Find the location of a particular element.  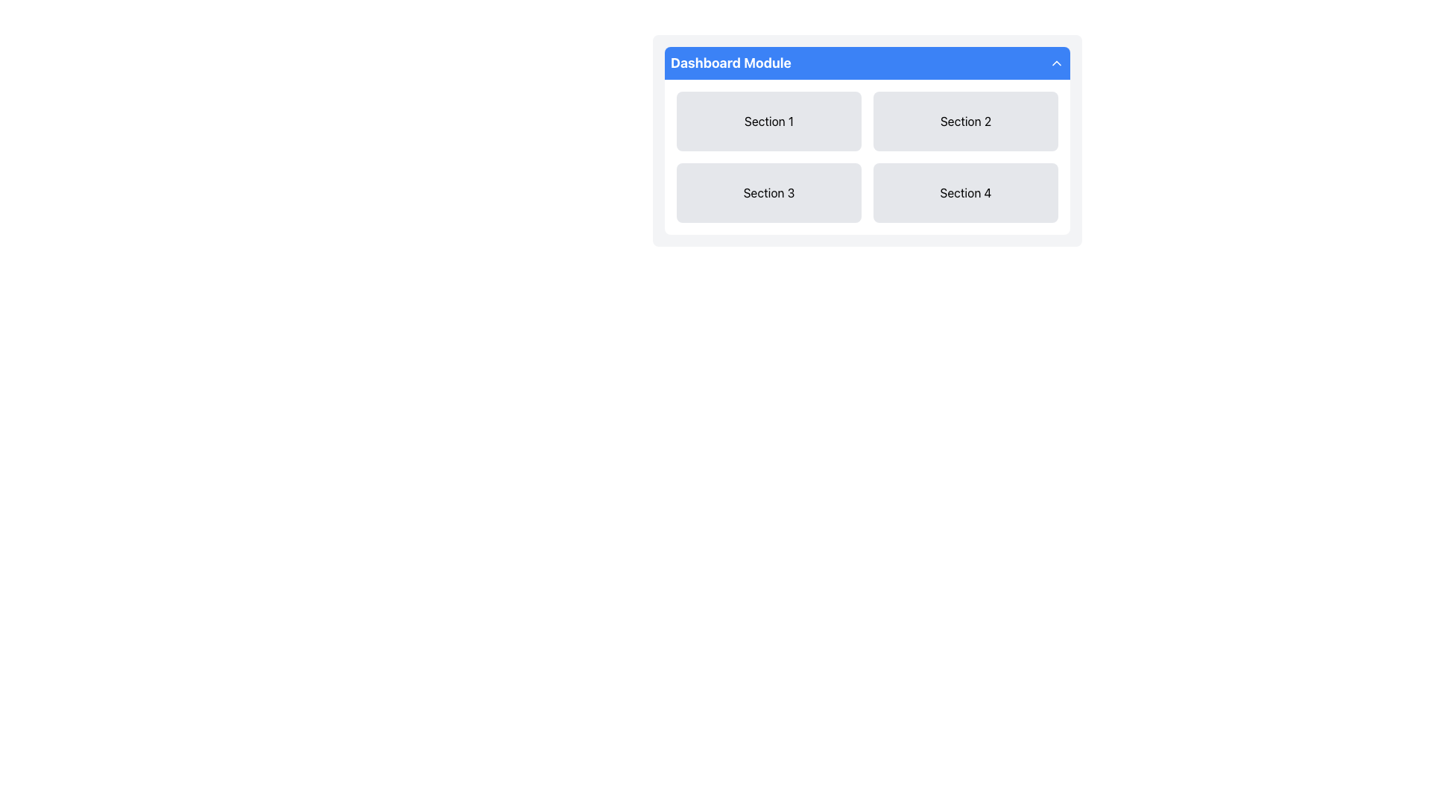

the 'Section 1' card or button, which is a rectangular element with a light gray background and black centered text, located in the top-left corner of the grid layout is located at coordinates (769, 120).